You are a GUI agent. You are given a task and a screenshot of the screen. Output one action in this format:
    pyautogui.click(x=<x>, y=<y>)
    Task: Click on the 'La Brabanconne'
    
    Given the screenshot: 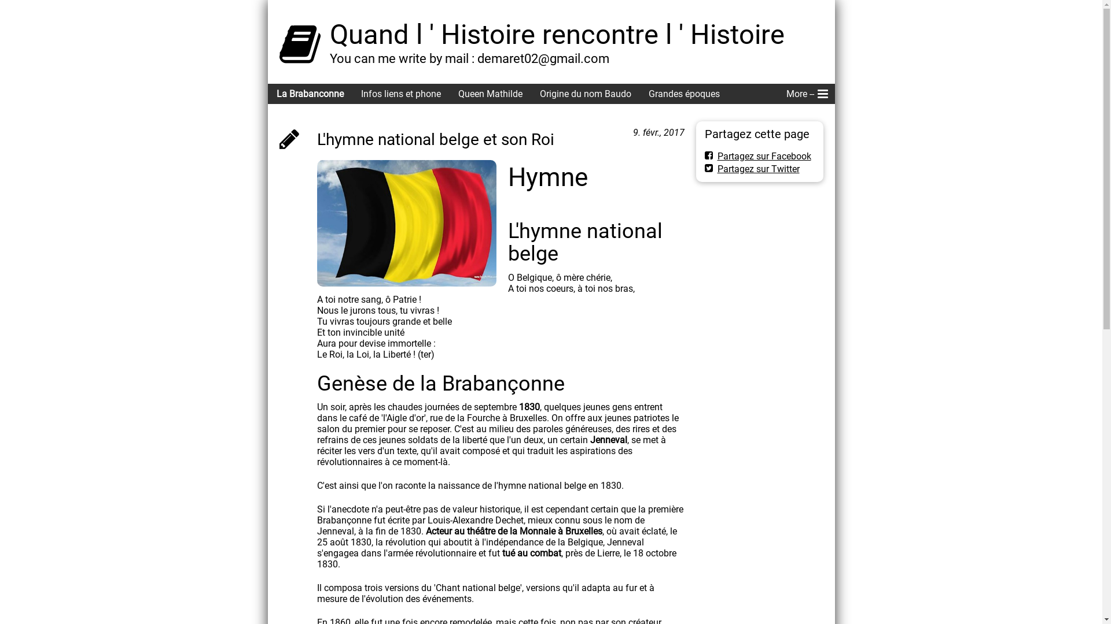 What is the action you would take?
    pyautogui.click(x=309, y=93)
    